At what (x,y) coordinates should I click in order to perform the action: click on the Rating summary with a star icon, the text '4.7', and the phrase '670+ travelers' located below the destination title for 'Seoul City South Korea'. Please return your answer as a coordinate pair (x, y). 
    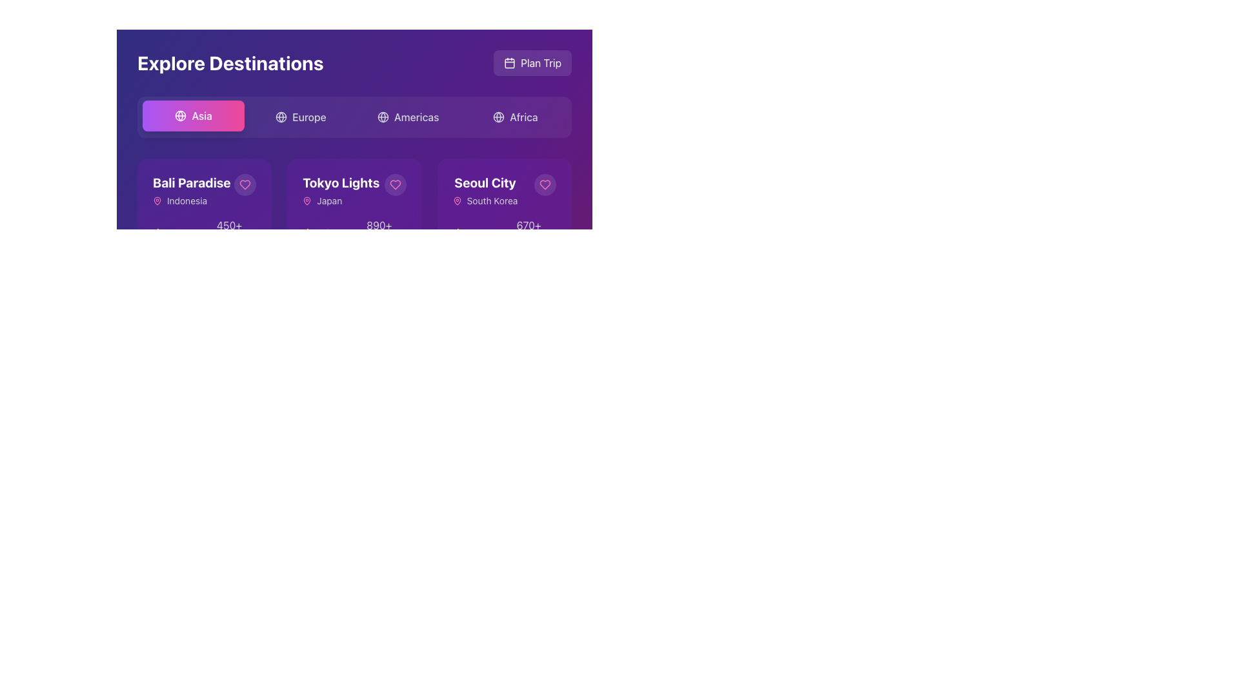
    Looking at the image, I should click on (503, 233).